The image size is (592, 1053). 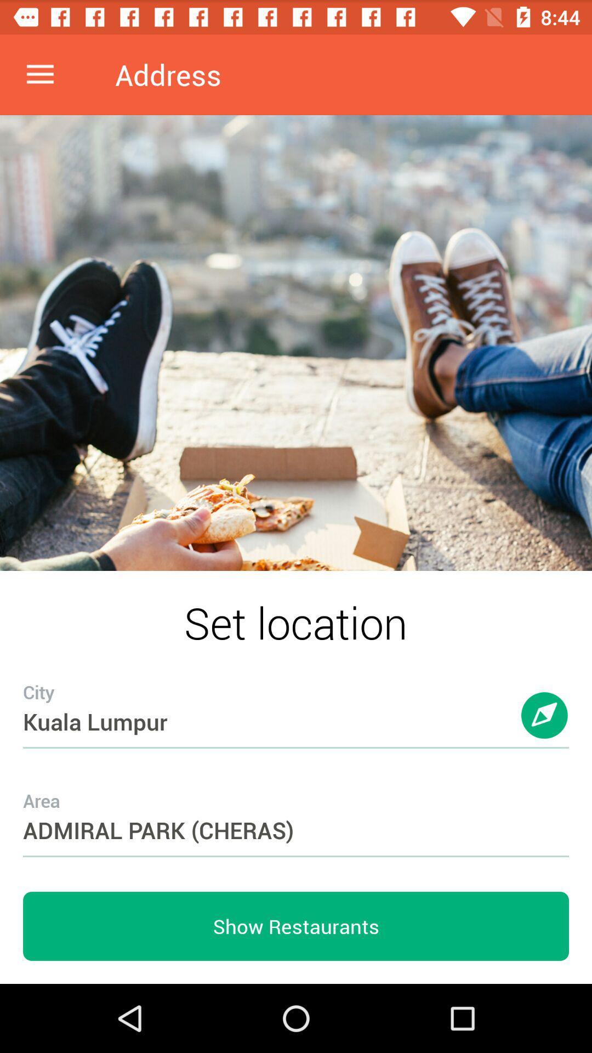 I want to click on item at the top left corner, so click(x=39, y=74).